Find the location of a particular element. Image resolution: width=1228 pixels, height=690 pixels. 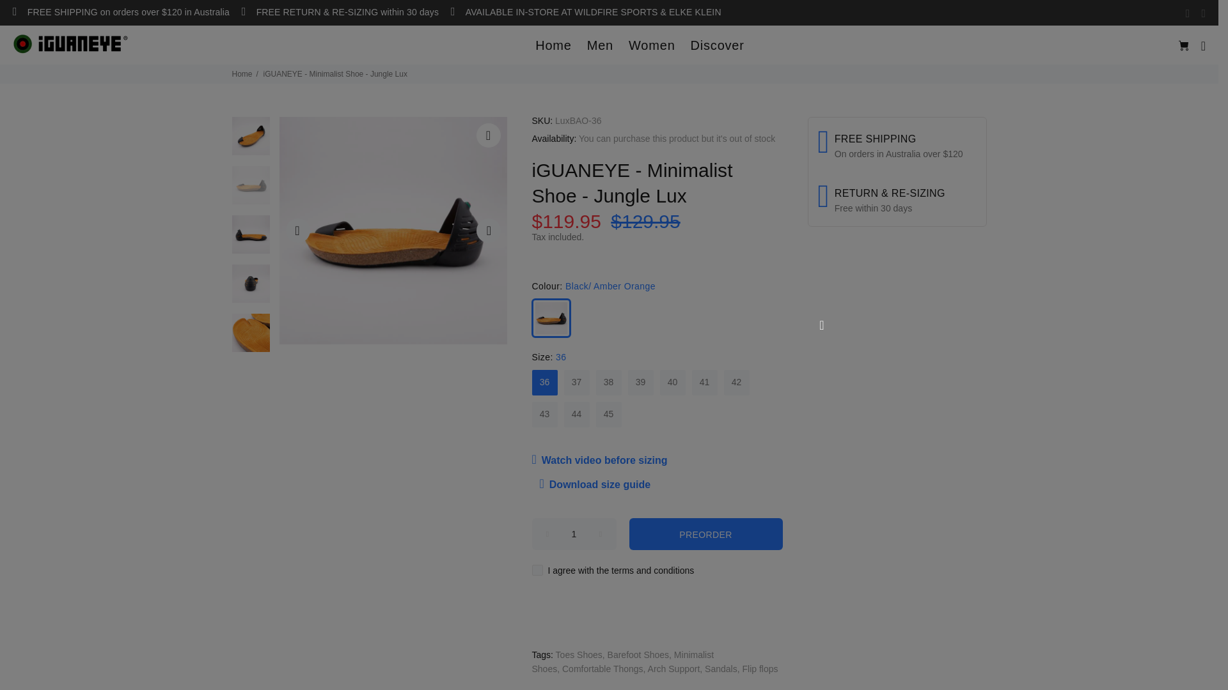

'Download size guide' is located at coordinates (595, 485).